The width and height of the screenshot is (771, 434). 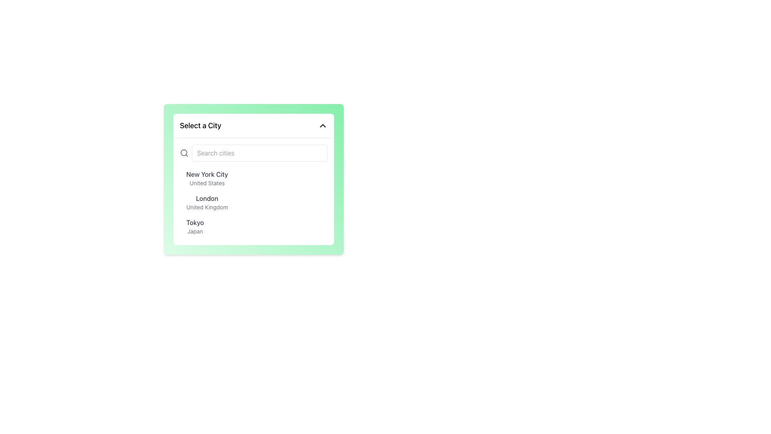 What do you see at coordinates (253, 226) in the screenshot?
I see `the third item in the city selection dropdown menu, which represents 'Tokyo, Japan'` at bounding box center [253, 226].